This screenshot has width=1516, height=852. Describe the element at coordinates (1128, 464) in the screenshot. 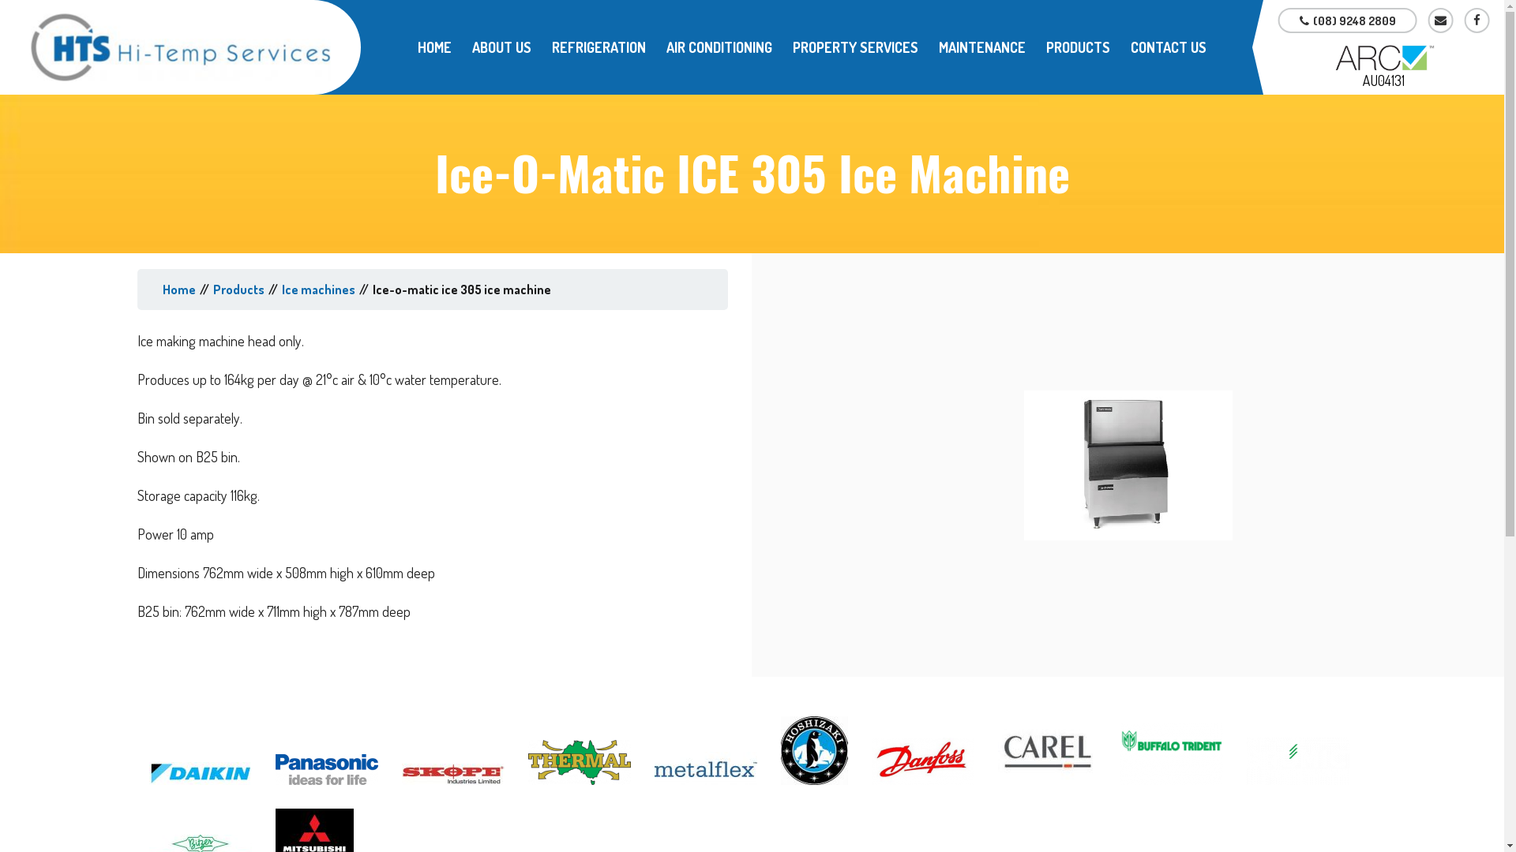

I see `'ice305'` at that location.